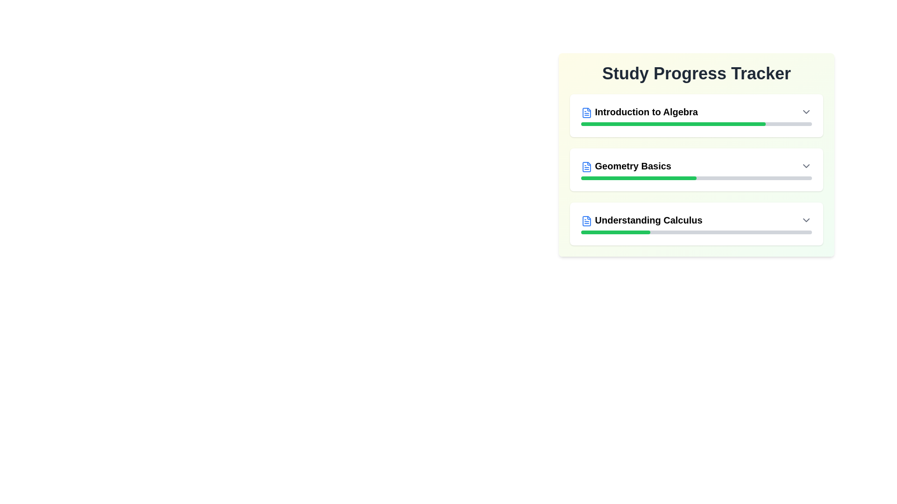  I want to click on the 'Geometry Basics' section of the Progress Tracker, so click(697, 169).